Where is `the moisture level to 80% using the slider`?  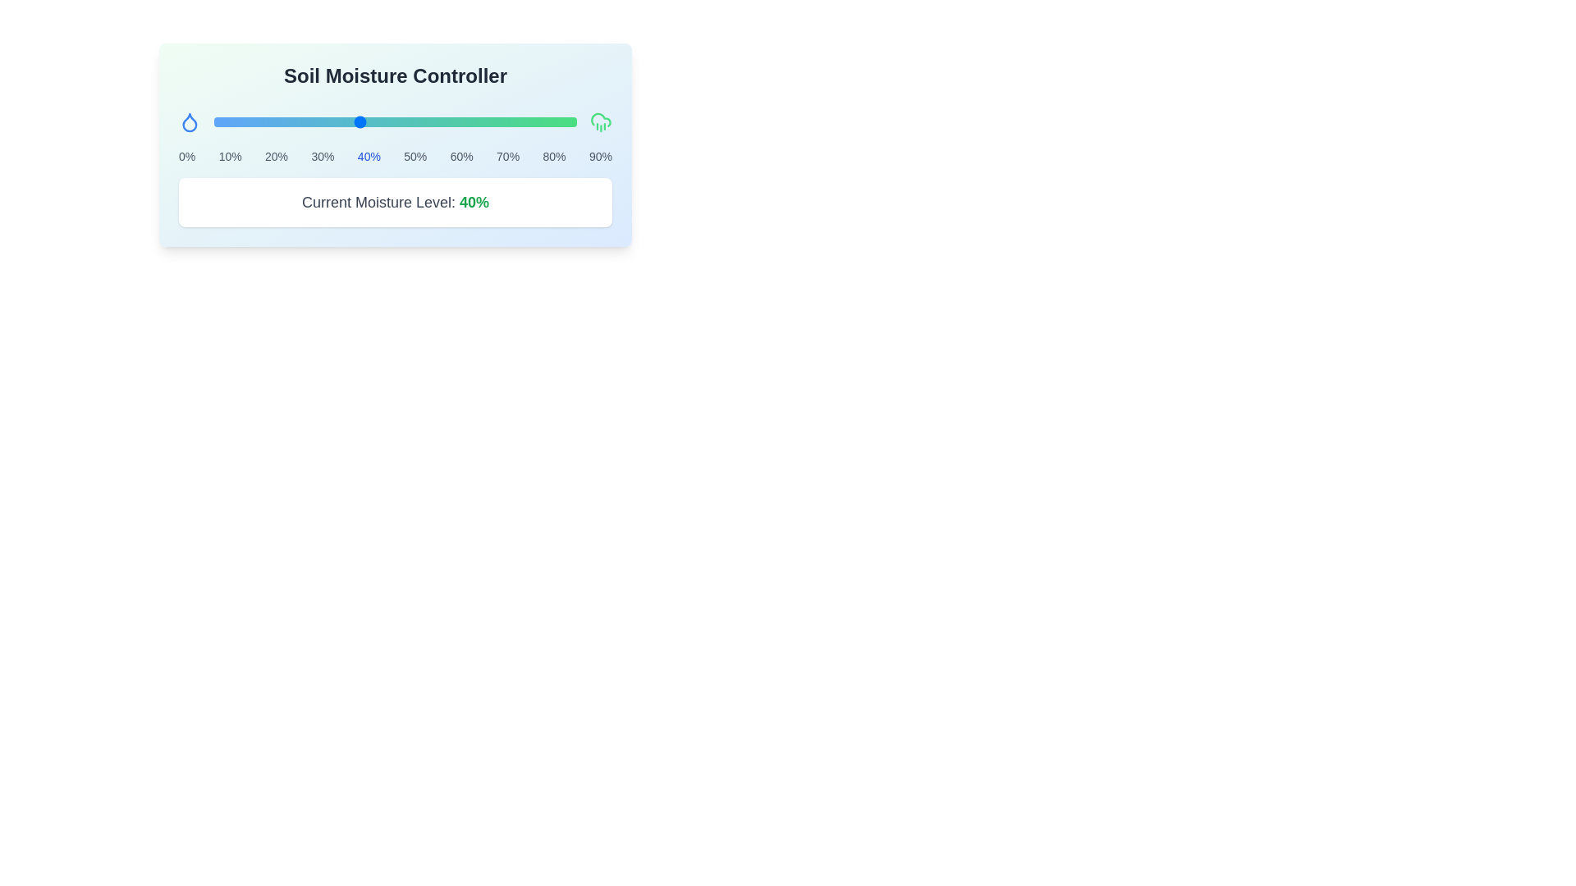 the moisture level to 80% using the slider is located at coordinates (503, 121).